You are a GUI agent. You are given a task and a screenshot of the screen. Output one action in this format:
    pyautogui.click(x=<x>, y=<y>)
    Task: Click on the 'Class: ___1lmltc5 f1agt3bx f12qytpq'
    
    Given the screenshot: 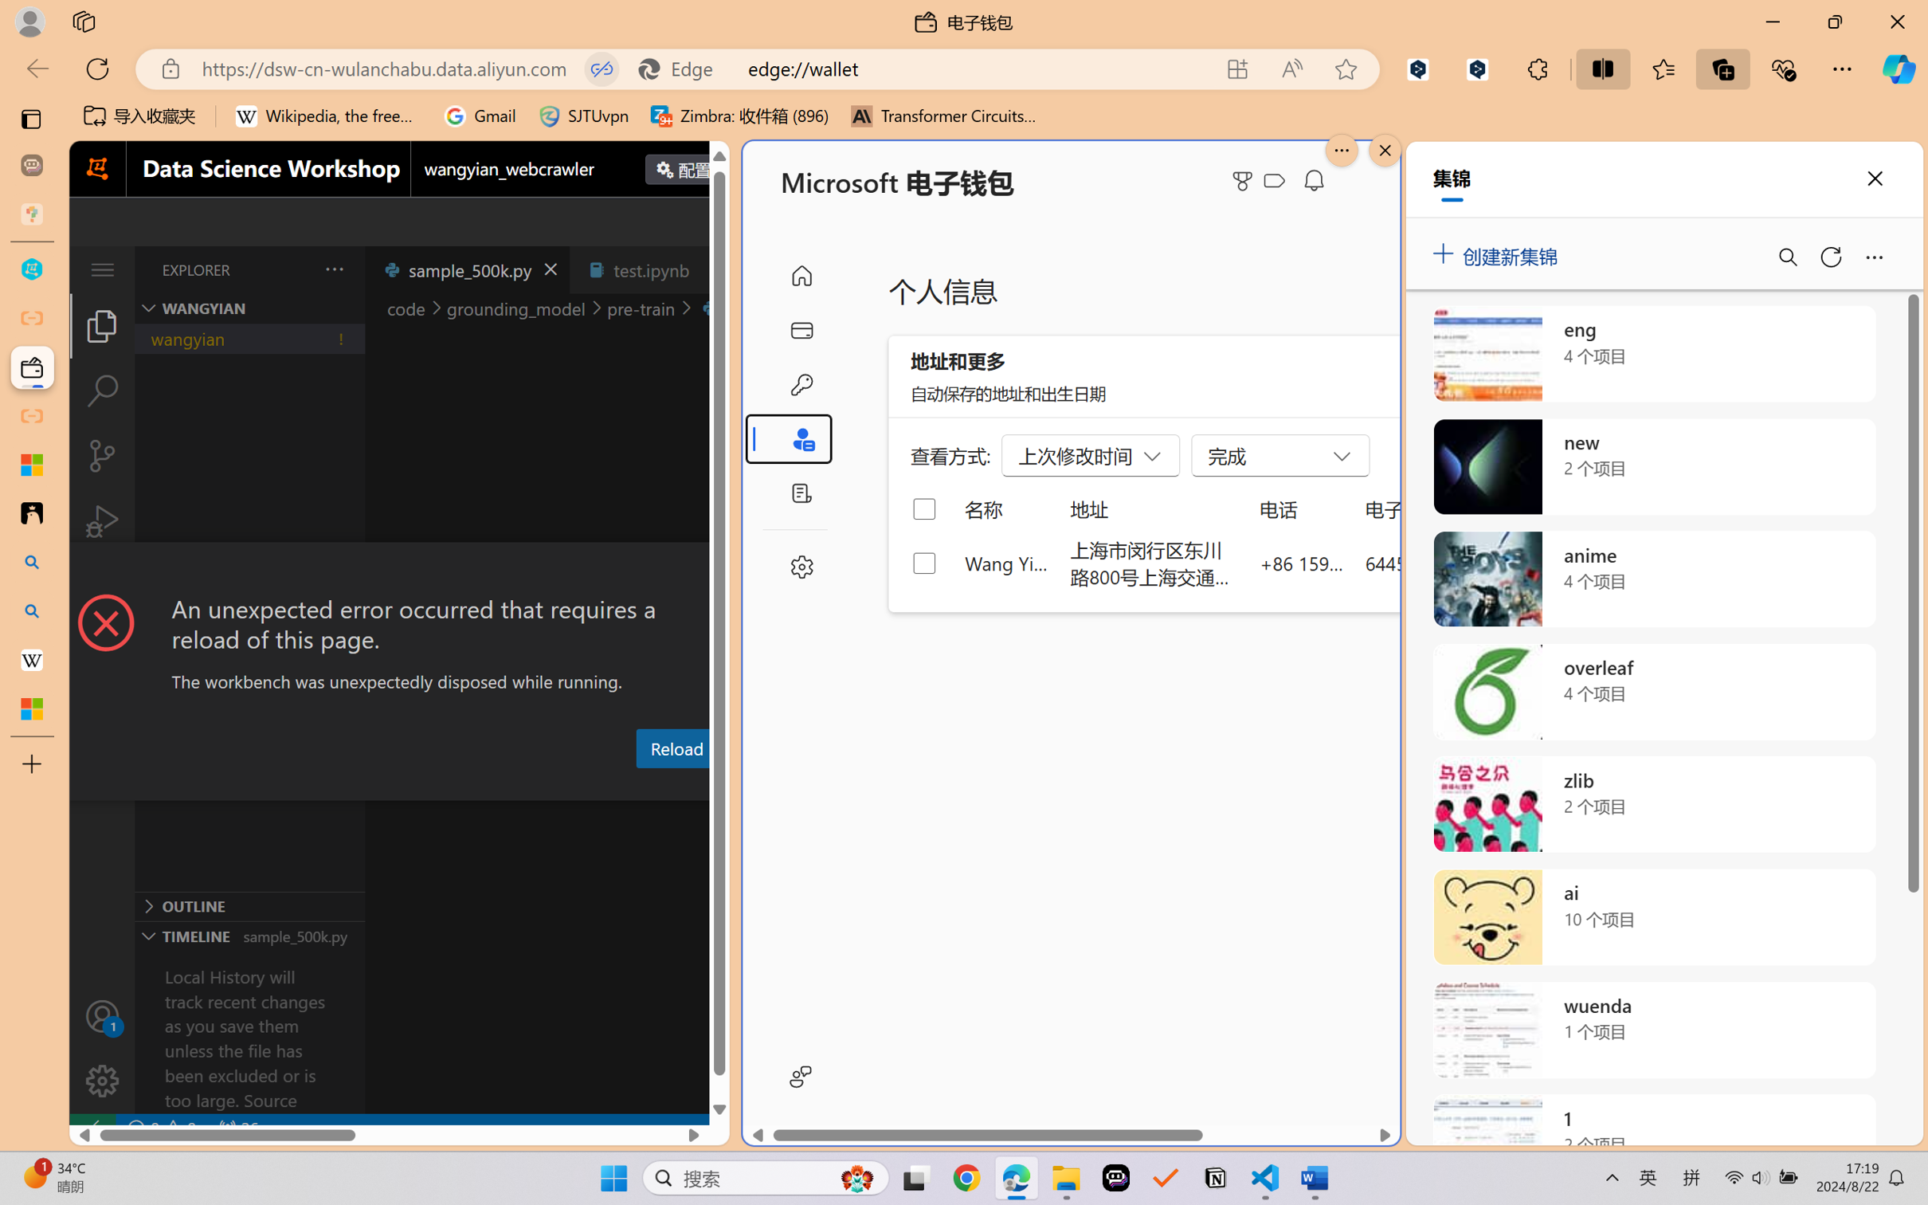 What is the action you would take?
    pyautogui.click(x=1274, y=181)
    